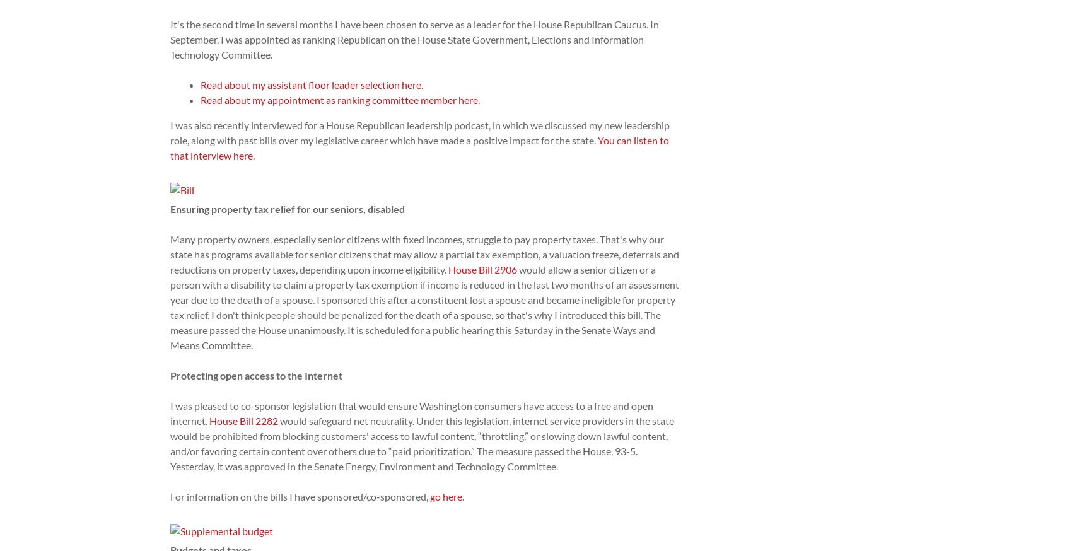  Describe the element at coordinates (256, 374) in the screenshot. I see `'Protecting open access to the Internet'` at that location.